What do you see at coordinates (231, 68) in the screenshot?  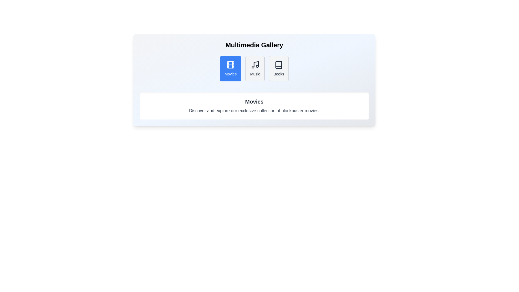 I see `the button labeled Movies` at bounding box center [231, 68].